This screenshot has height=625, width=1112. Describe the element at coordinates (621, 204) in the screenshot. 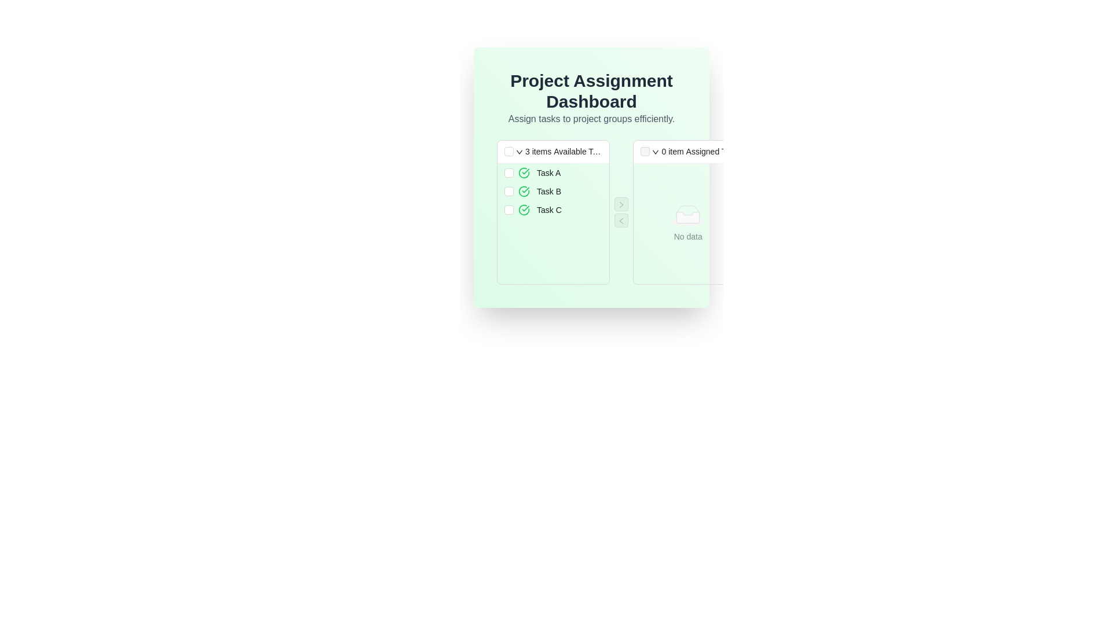

I see `the navigational button located centrally between the '3 items Available Tasks' section on the left and the '0 item Assigned' section on the right to initiate the transfer or navigation action` at that location.